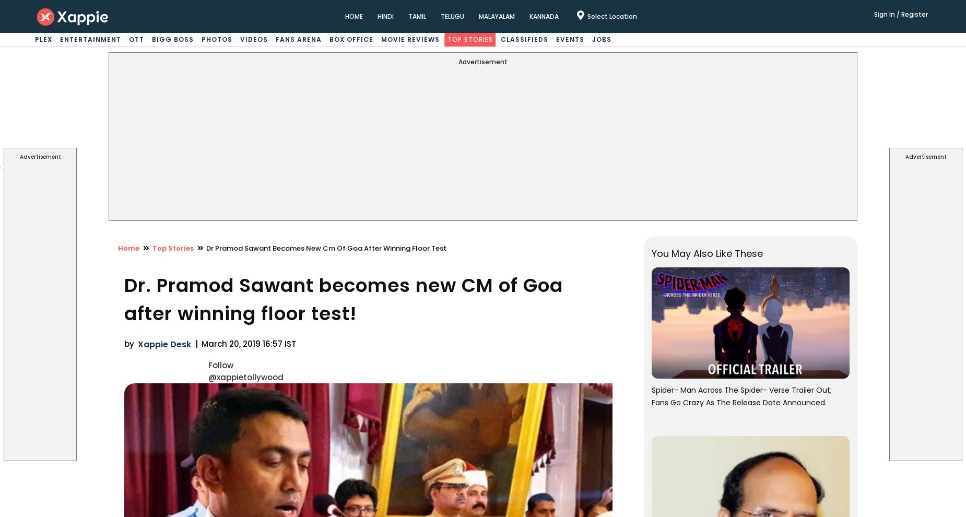 This screenshot has width=966, height=517. Describe the element at coordinates (351, 39) in the screenshot. I see `'Box Office'` at that location.